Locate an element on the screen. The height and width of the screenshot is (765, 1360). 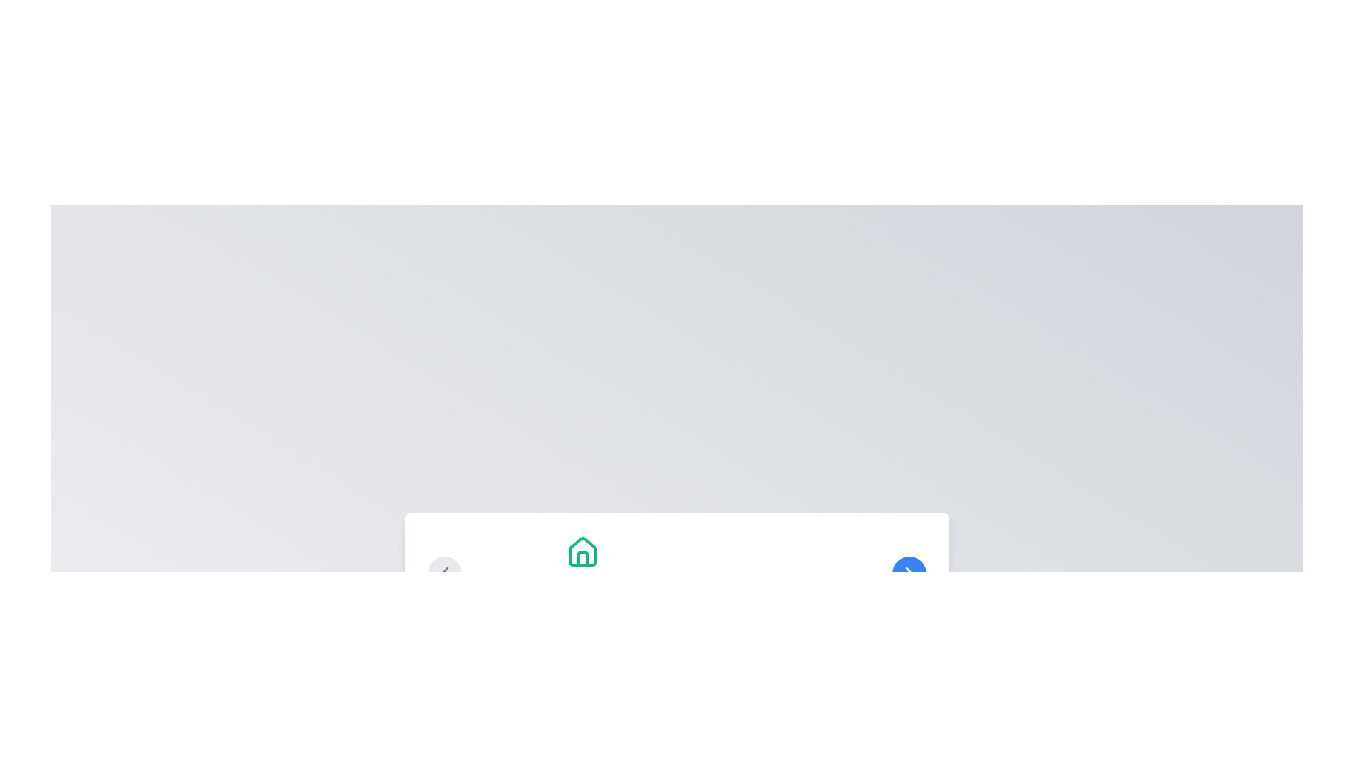
the door segment of the house icon, which is a rectangular shaped element with a darker color, centrally located within the house outline is located at coordinates (583, 558).